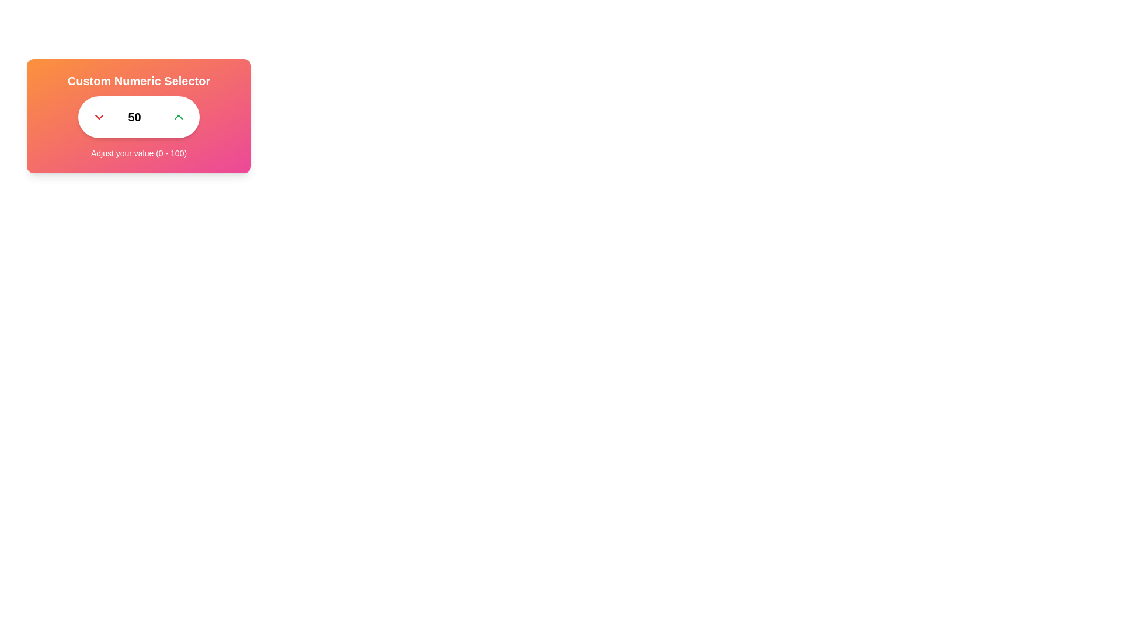 Image resolution: width=1121 pixels, height=630 pixels. I want to click on the static text label displaying 'Adjust your value (0 - 100)' which is styled in white against a gradient background, located at the bottom of the visual card, so click(139, 152).